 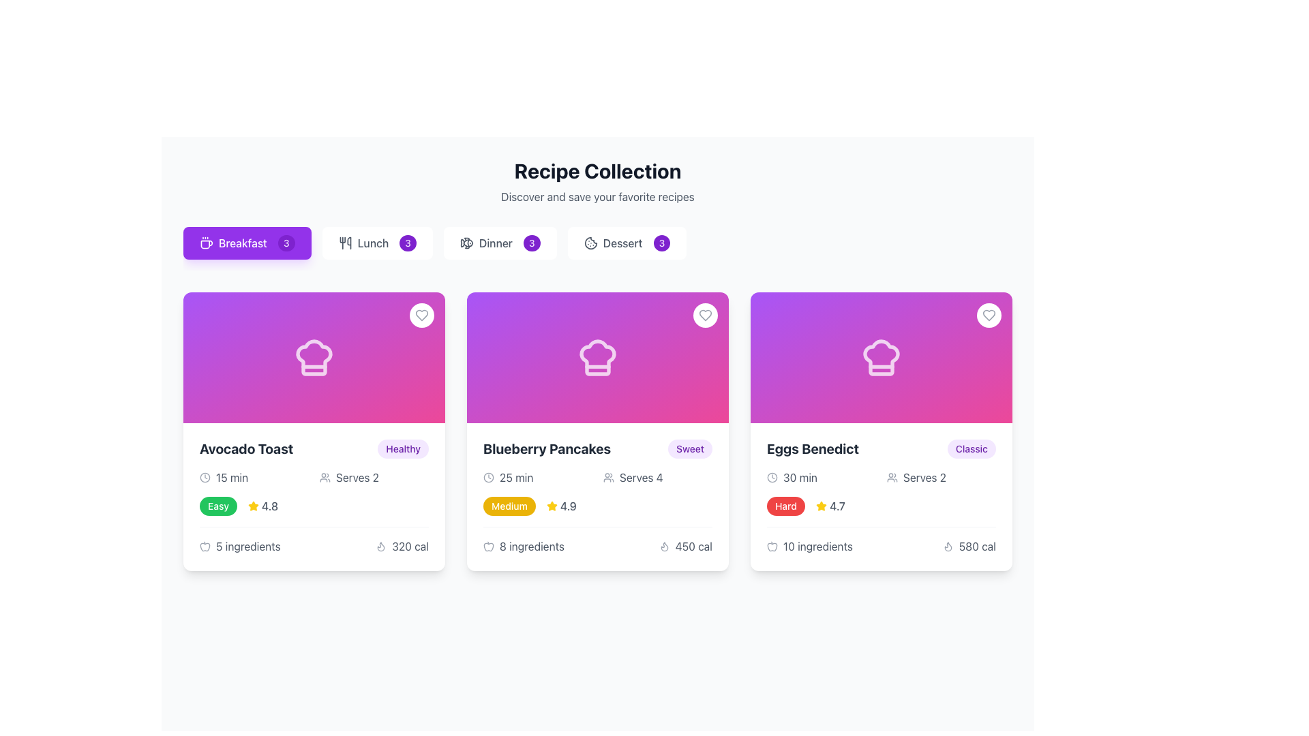 What do you see at coordinates (313, 506) in the screenshot?
I see `the displayed information of the difficulty label and rating score, which is a green pill-shaped badge with the text 'Easy' and a yellow star icon followed by the number 4.8, located centrally within the details section of the first recipe card` at bounding box center [313, 506].